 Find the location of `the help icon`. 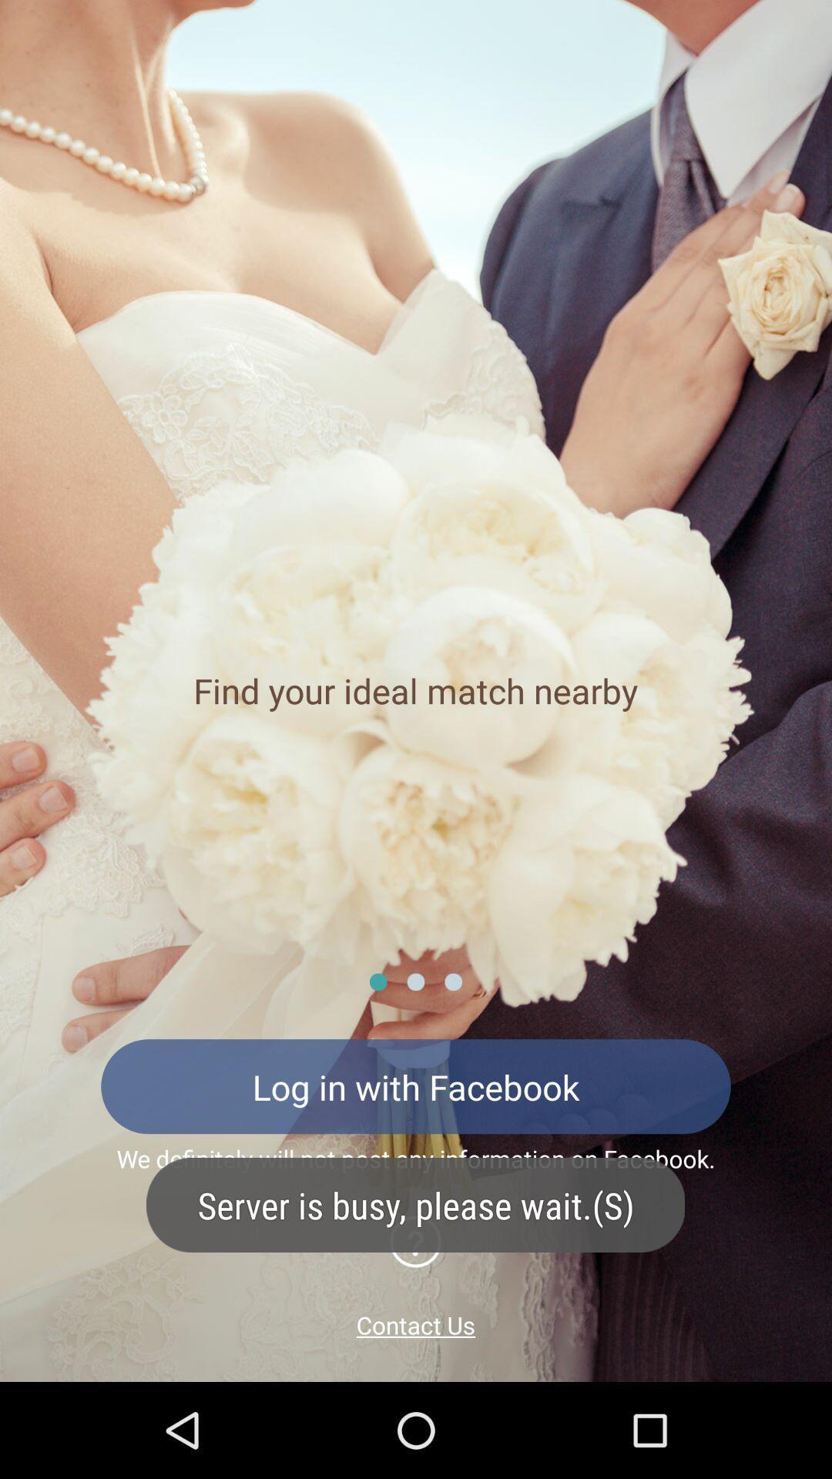

the help icon is located at coordinates (414, 1242).